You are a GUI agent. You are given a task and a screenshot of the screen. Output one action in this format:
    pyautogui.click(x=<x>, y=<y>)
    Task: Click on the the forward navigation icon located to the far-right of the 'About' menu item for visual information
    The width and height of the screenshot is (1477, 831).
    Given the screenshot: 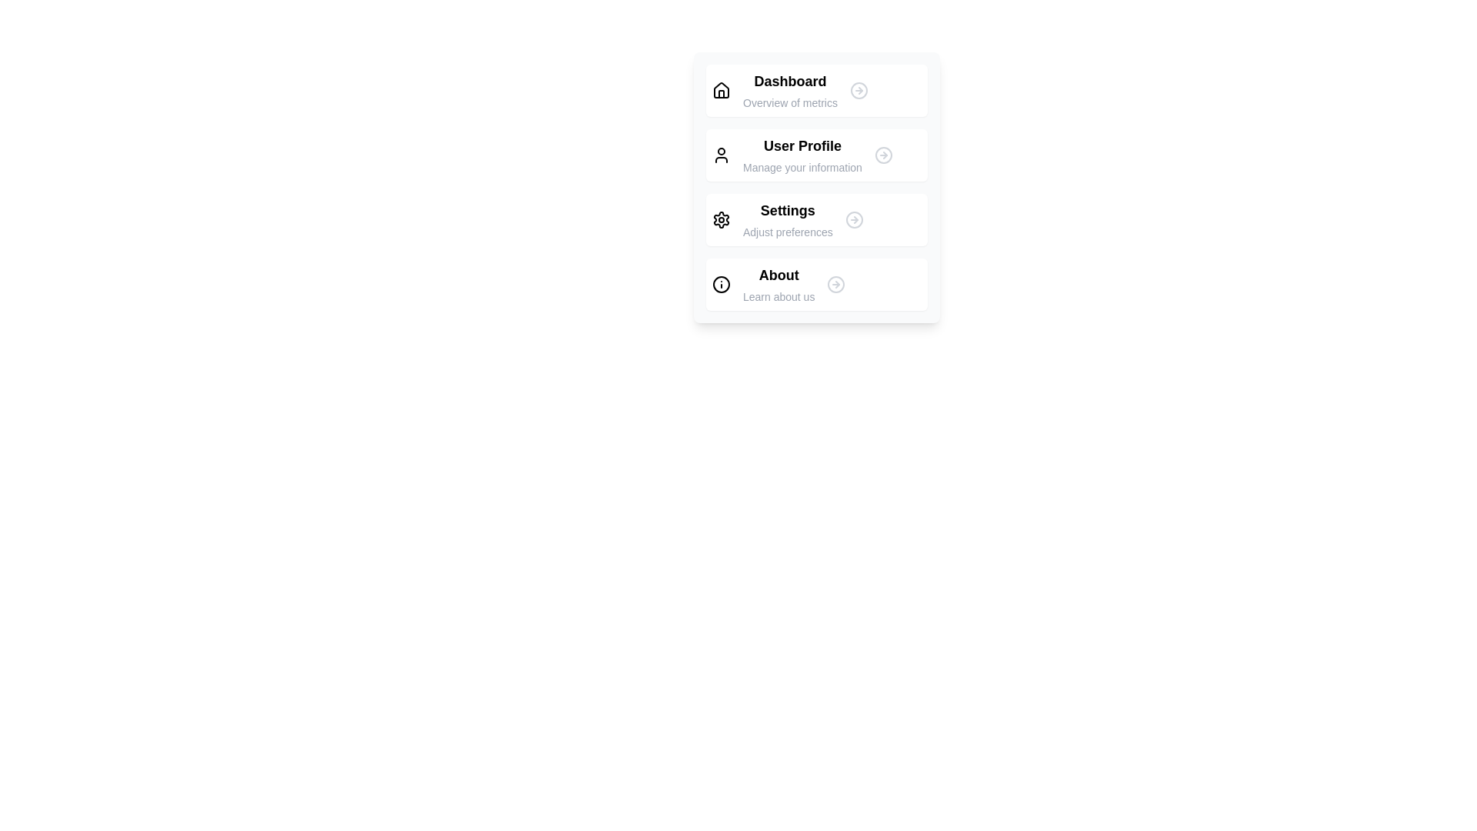 What is the action you would take?
    pyautogui.click(x=835, y=285)
    